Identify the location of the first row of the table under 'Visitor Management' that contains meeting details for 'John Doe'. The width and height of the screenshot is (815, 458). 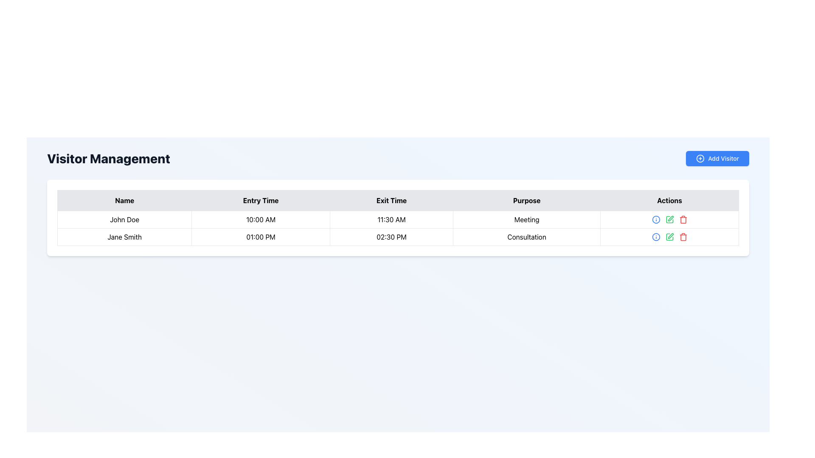
(397, 219).